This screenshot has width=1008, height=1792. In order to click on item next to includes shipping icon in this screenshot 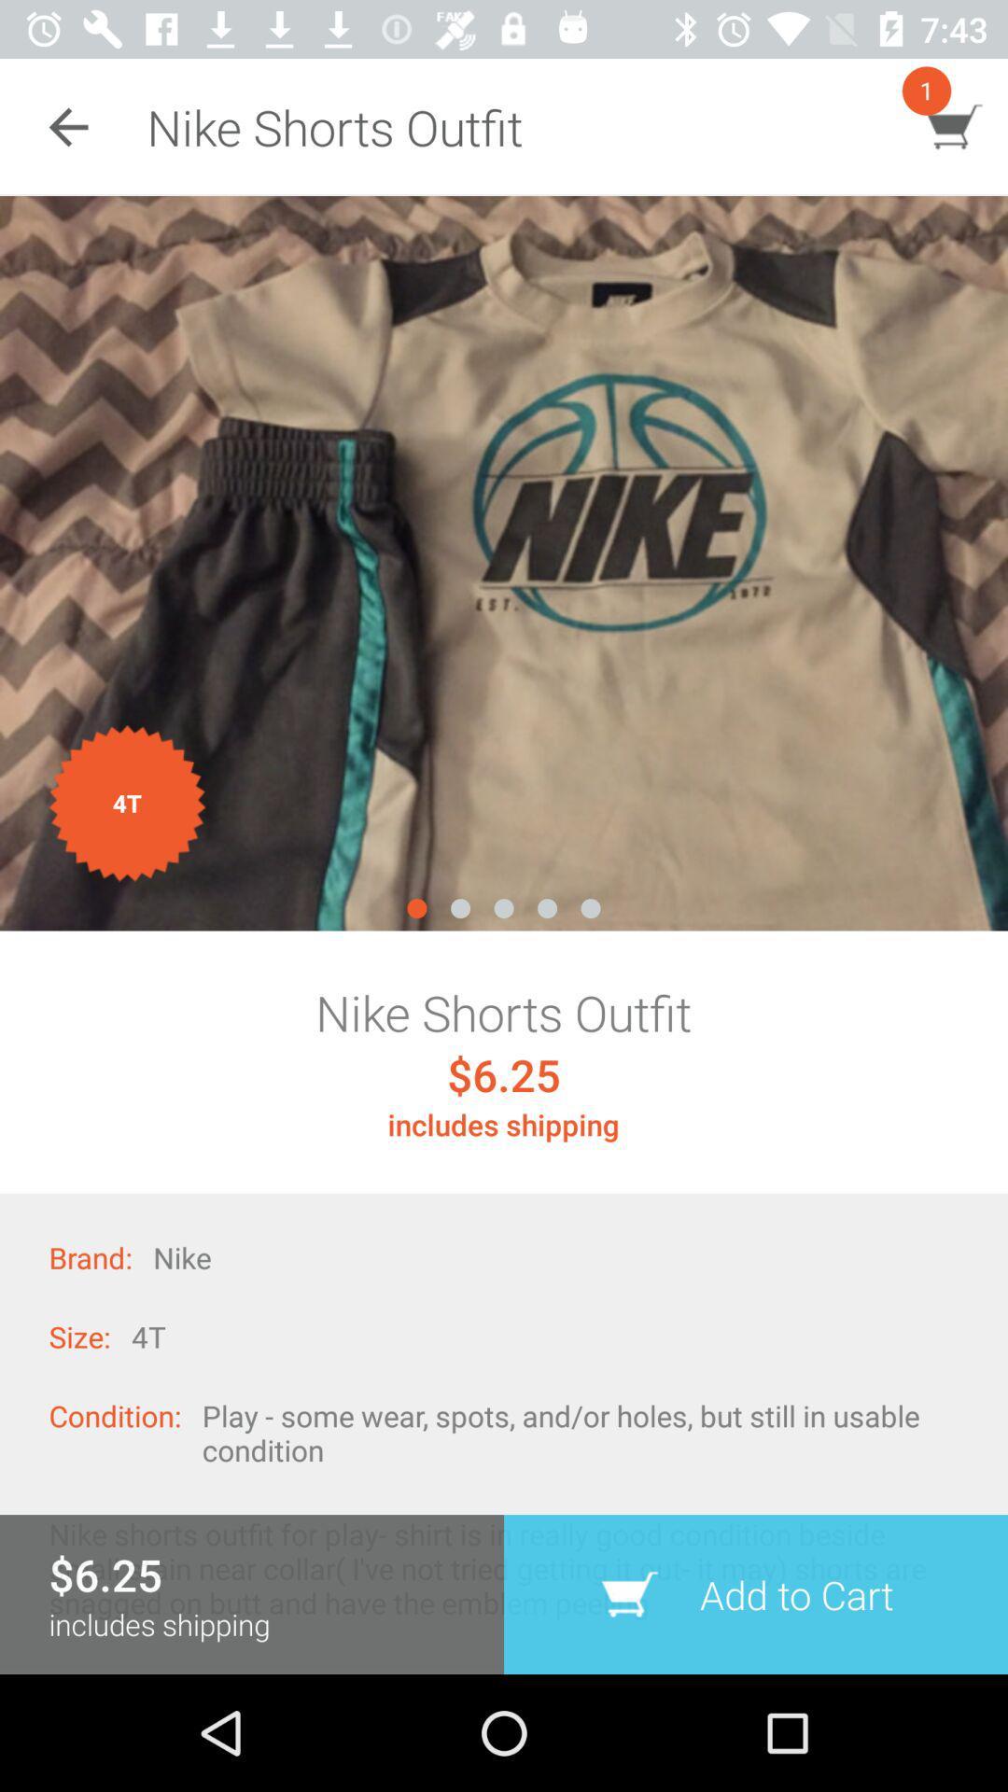, I will do `click(756, 1593)`.